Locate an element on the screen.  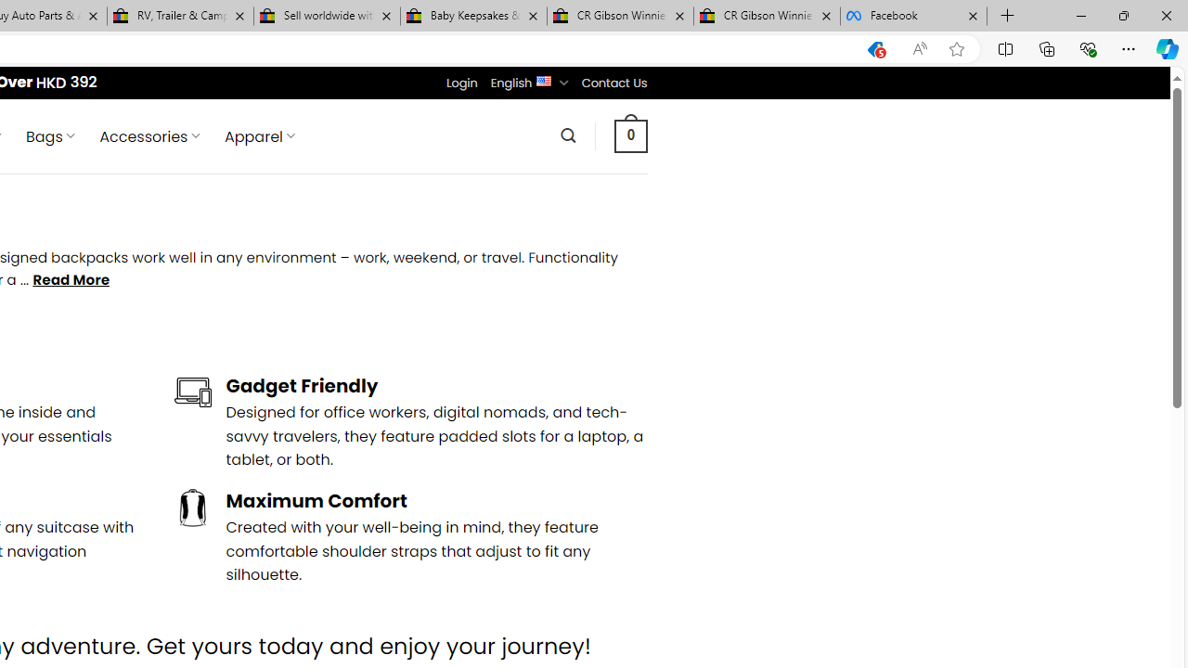
'English' is located at coordinates (543, 79).